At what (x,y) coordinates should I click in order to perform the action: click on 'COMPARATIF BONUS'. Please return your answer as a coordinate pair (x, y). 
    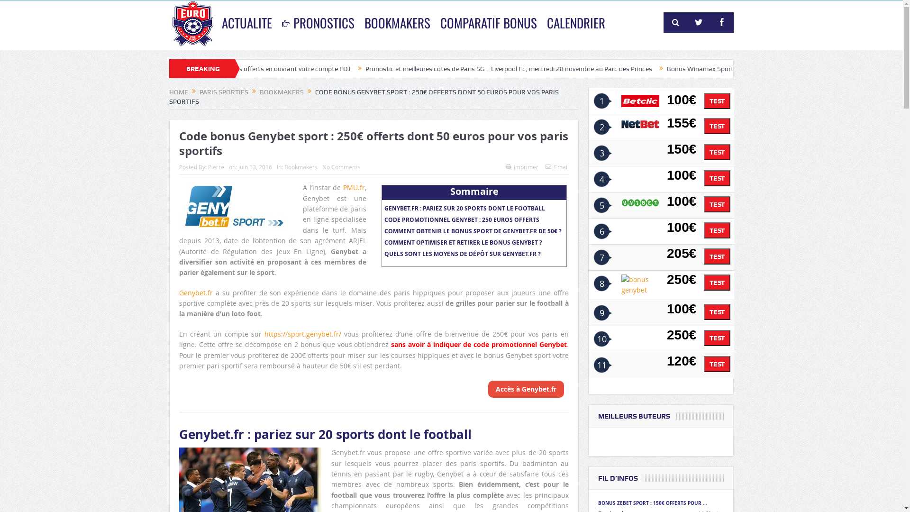
    Looking at the image, I should click on (435, 22).